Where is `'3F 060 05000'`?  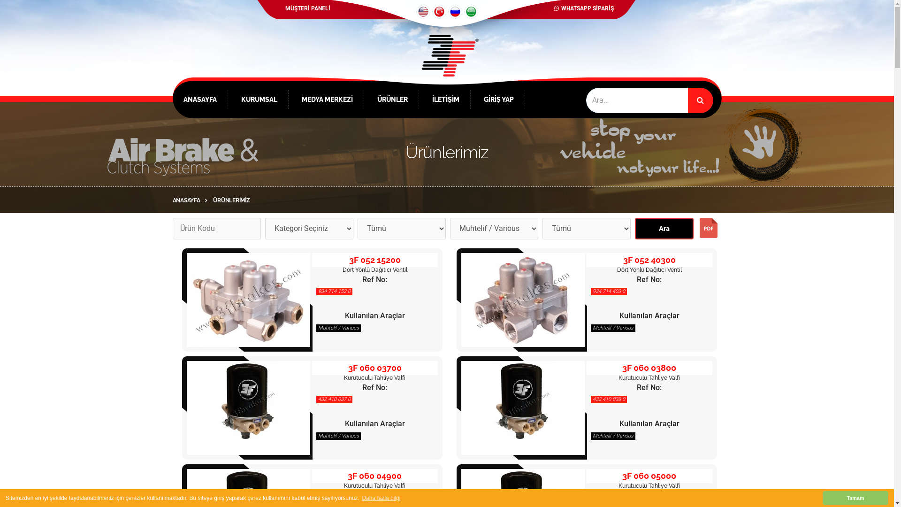 '3F 060 05000' is located at coordinates (649, 476).